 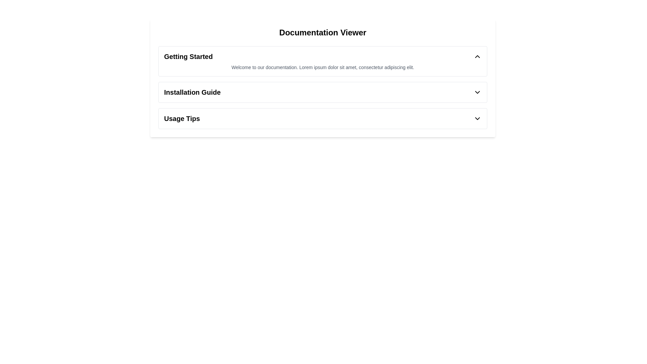 What do you see at coordinates (322, 67) in the screenshot?
I see `the descriptive text block located beneath the 'Getting Started' title in the 'Getting Started' section` at bounding box center [322, 67].